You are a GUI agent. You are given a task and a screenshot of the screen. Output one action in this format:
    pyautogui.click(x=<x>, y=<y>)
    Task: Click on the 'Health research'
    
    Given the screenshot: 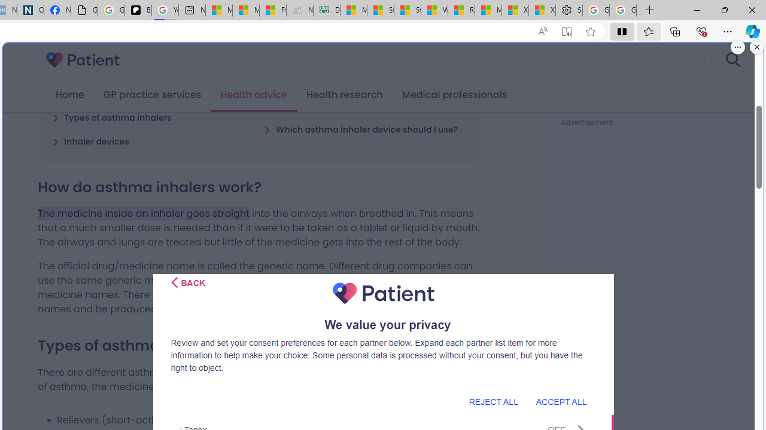 What is the action you would take?
    pyautogui.click(x=344, y=94)
    